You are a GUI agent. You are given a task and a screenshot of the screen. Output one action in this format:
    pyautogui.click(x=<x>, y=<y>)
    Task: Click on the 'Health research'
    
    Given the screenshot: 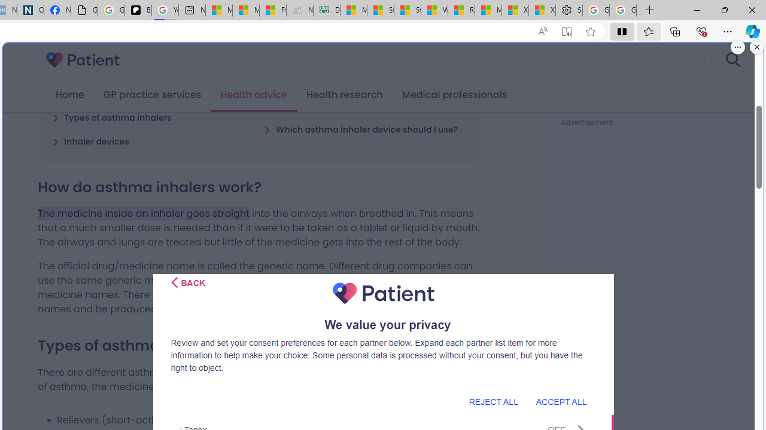 What is the action you would take?
    pyautogui.click(x=344, y=94)
    